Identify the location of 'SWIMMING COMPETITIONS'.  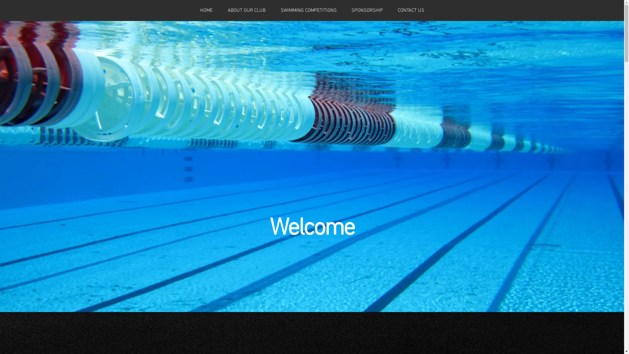
(273, 10).